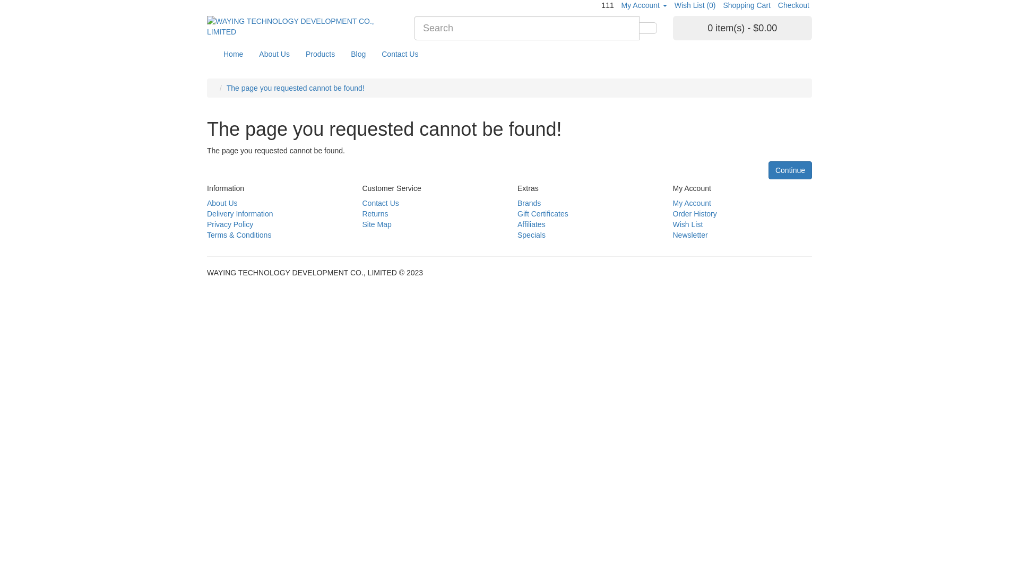 This screenshot has height=573, width=1019. Describe the element at coordinates (221, 203) in the screenshot. I see `'About Us'` at that location.